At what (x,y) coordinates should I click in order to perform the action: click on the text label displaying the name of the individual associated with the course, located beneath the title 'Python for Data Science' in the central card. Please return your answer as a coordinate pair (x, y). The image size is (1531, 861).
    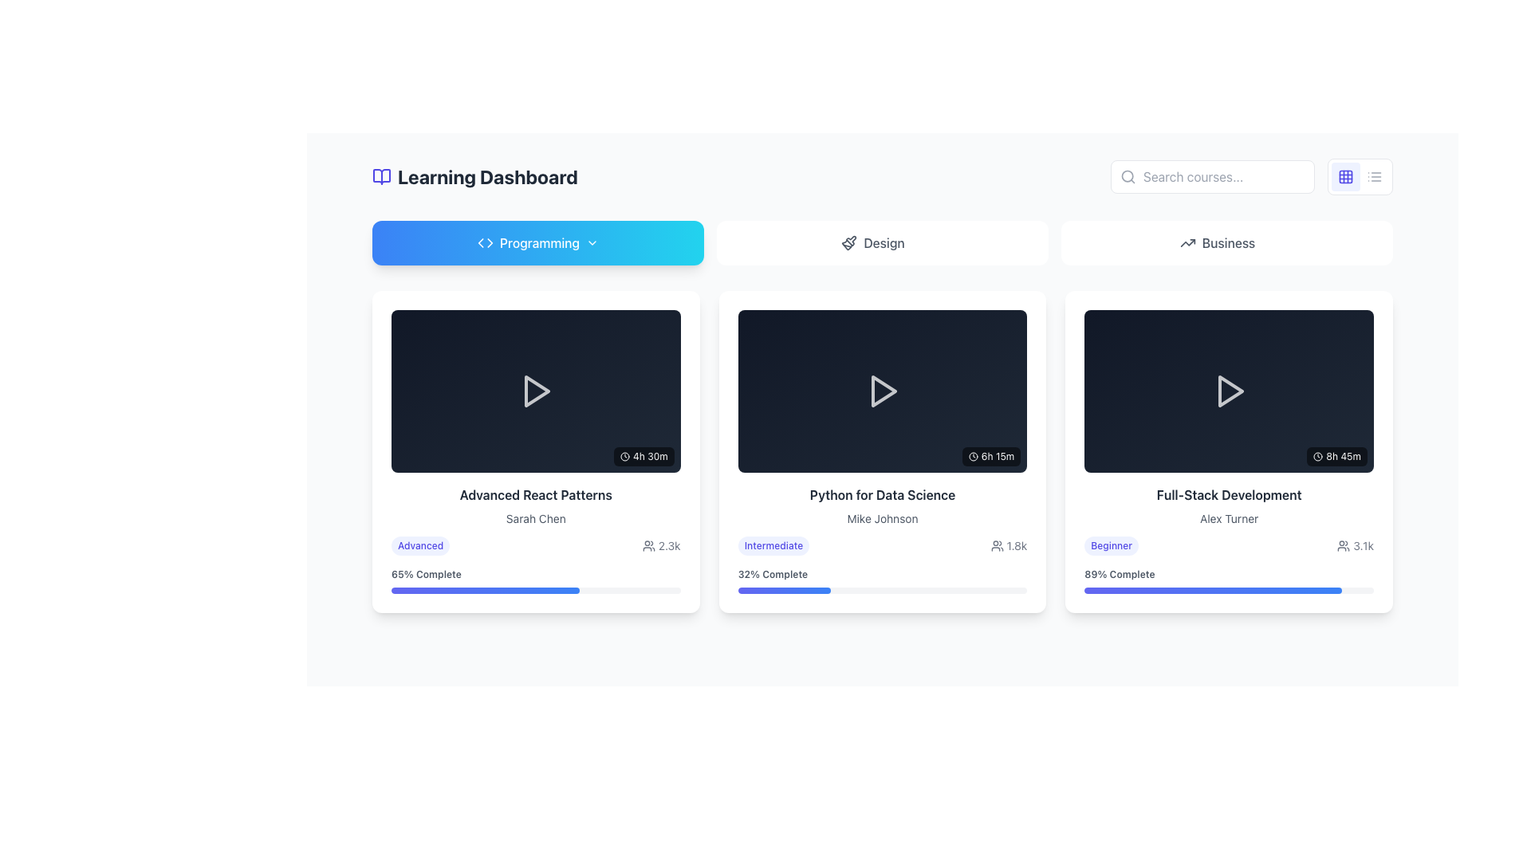
    Looking at the image, I should click on (882, 519).